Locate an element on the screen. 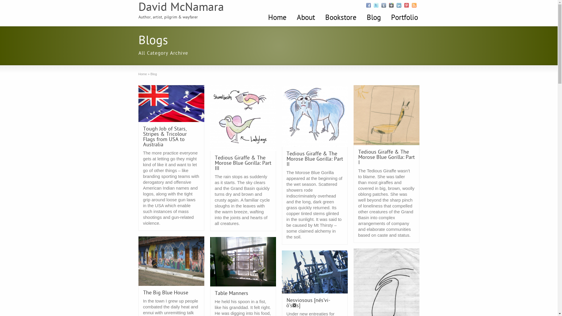 The width and height of the screenshot is (562, 316). 'Home' is located at coordinates (142, 74).